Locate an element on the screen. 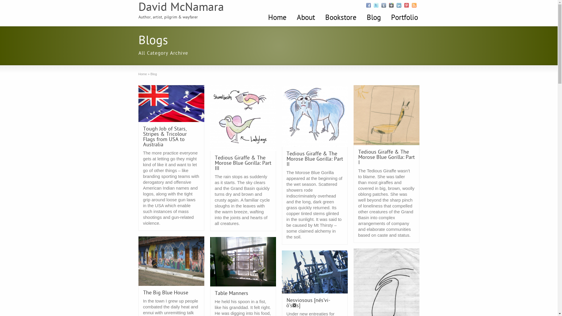 The width and height of the screenshot is (562, 316). 'Home' is located at coordinates (142, 74).